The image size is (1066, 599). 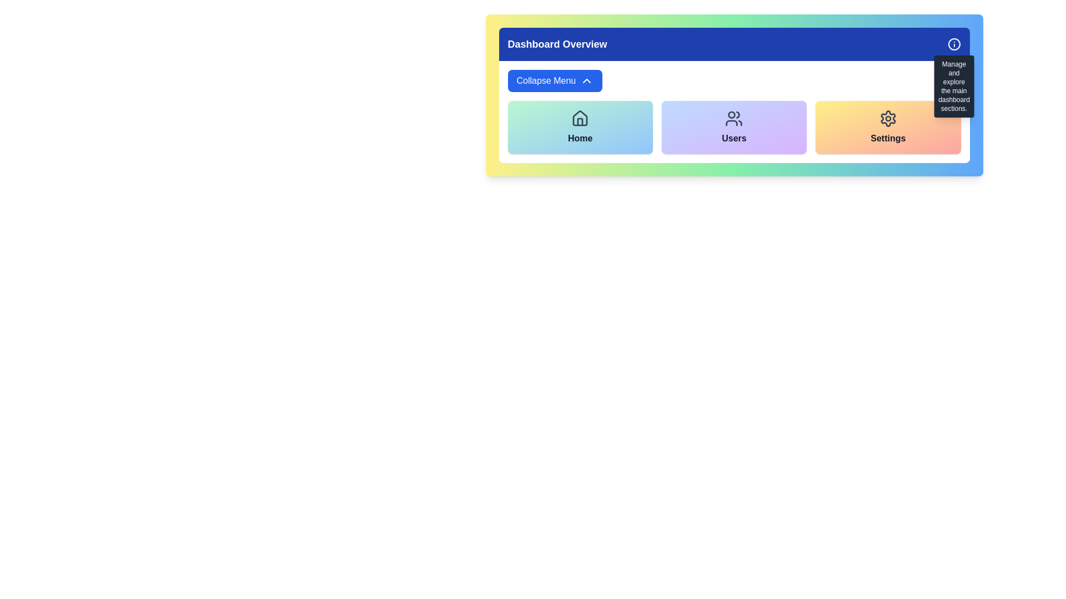 What do you see at coordinates (953, 44) in the screenshot?
I see `the Tooltip-trigger icon, which is a circular icon with a blue background and white 'i' symbol located at the top-right corner of the header section, next to the 'Dashboard Overview' text` at bounding box center [953, 44].